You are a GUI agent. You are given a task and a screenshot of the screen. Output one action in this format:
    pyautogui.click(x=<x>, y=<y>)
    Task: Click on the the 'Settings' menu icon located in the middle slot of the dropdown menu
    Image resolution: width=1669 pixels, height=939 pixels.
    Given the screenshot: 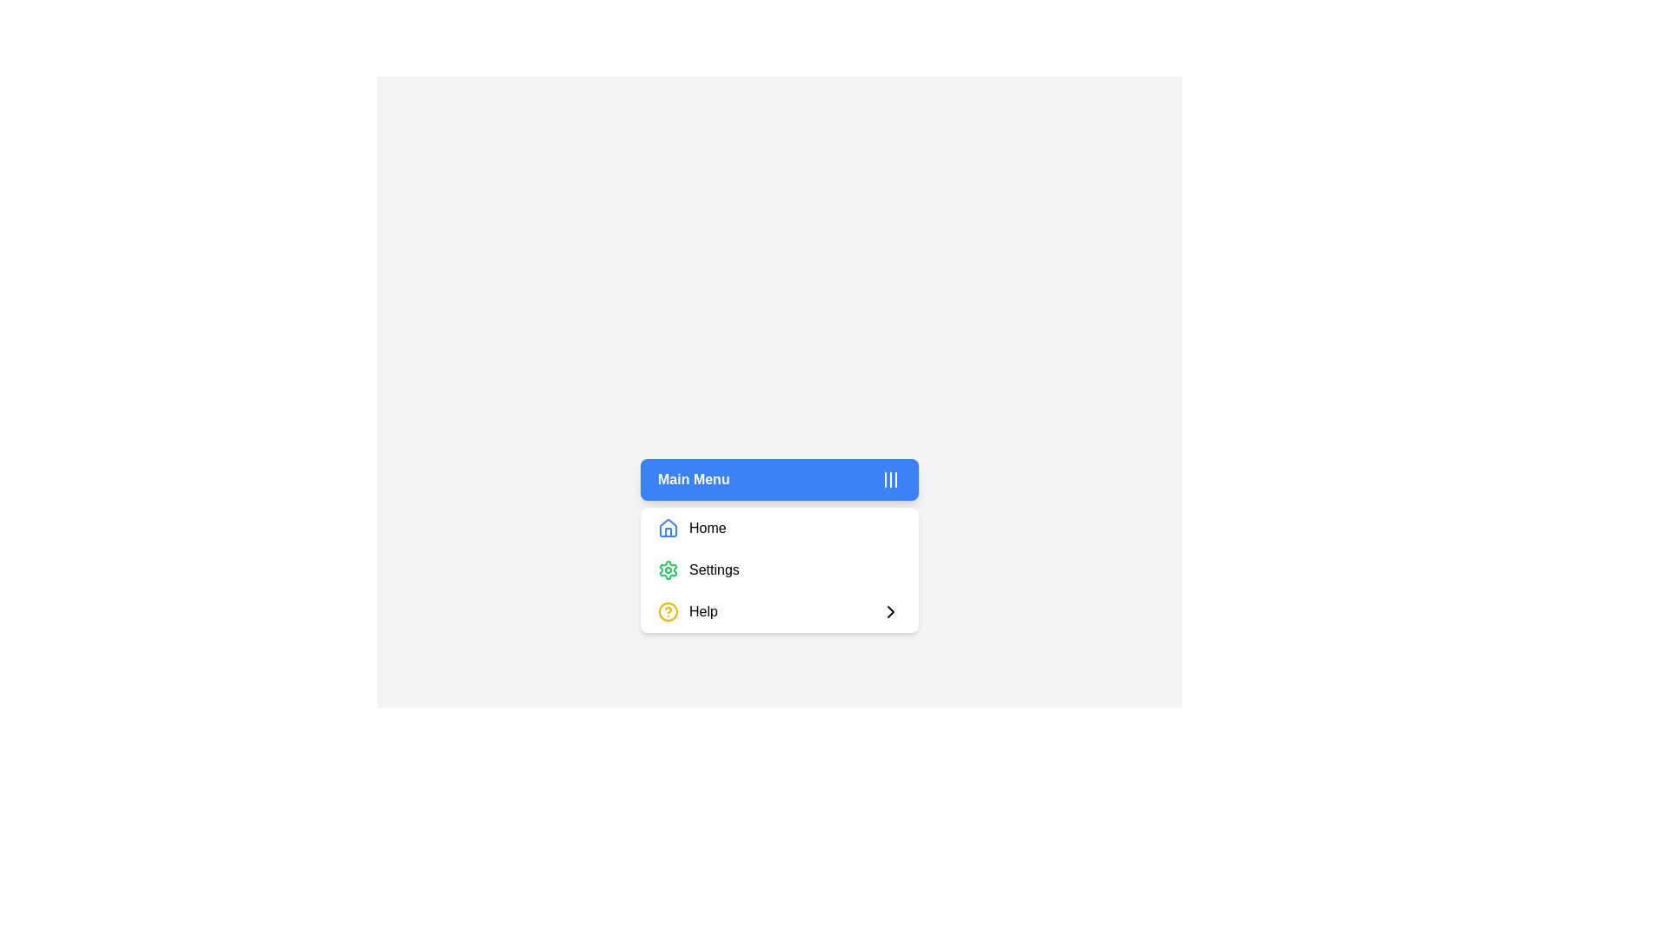 What is the action you would take?
    pyautogui.click(x=667, y=569)
    